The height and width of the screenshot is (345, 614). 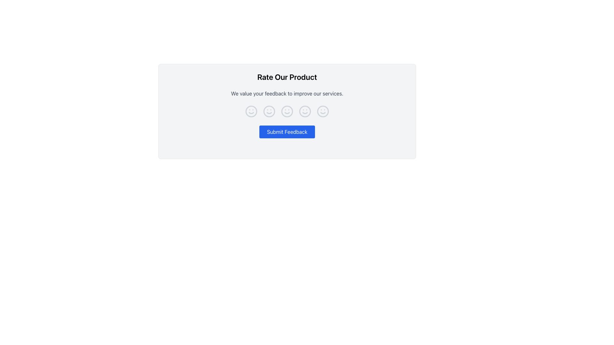 What do you see at coordinates (287, 111) in the screenshot?
I see `the neutral rating button, which is the third smiley face button in the horizontal group located below the feedback text and above the 'Submit Feedback' button` at bounding box center [287, 111].